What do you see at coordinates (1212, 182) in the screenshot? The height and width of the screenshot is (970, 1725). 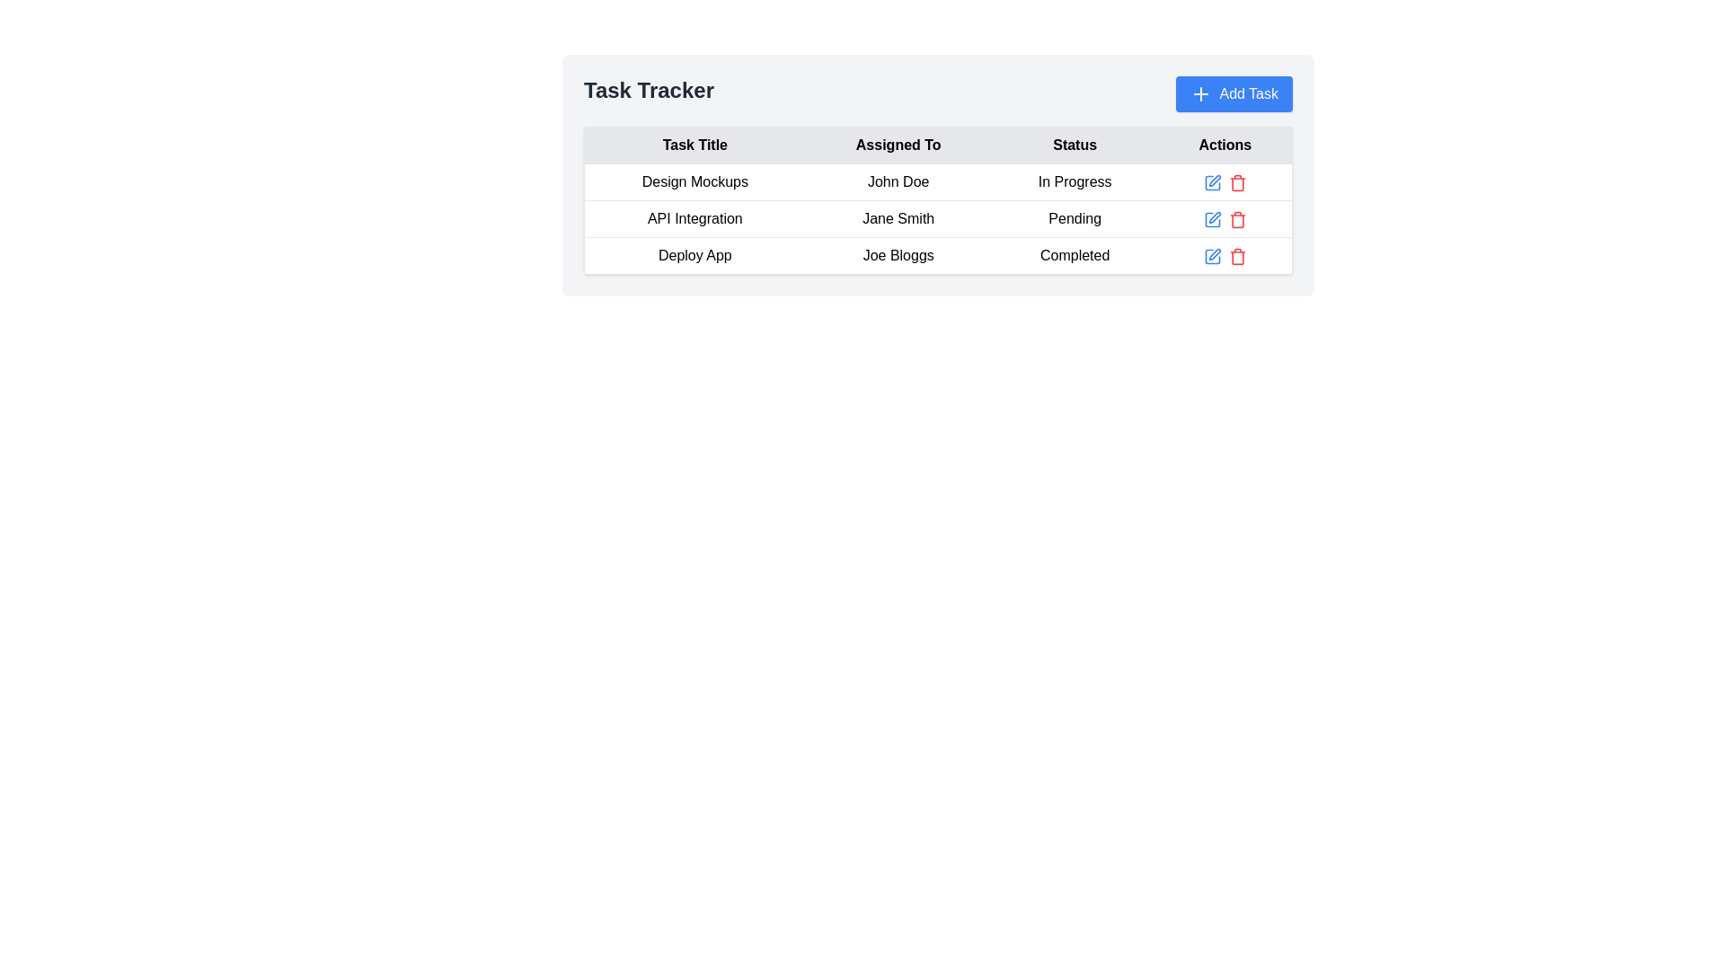 I see `the 'Edit' button in the 'Actions' column of the table for the task titled 'Design Mockups'` at bounding box center [1212, 182].